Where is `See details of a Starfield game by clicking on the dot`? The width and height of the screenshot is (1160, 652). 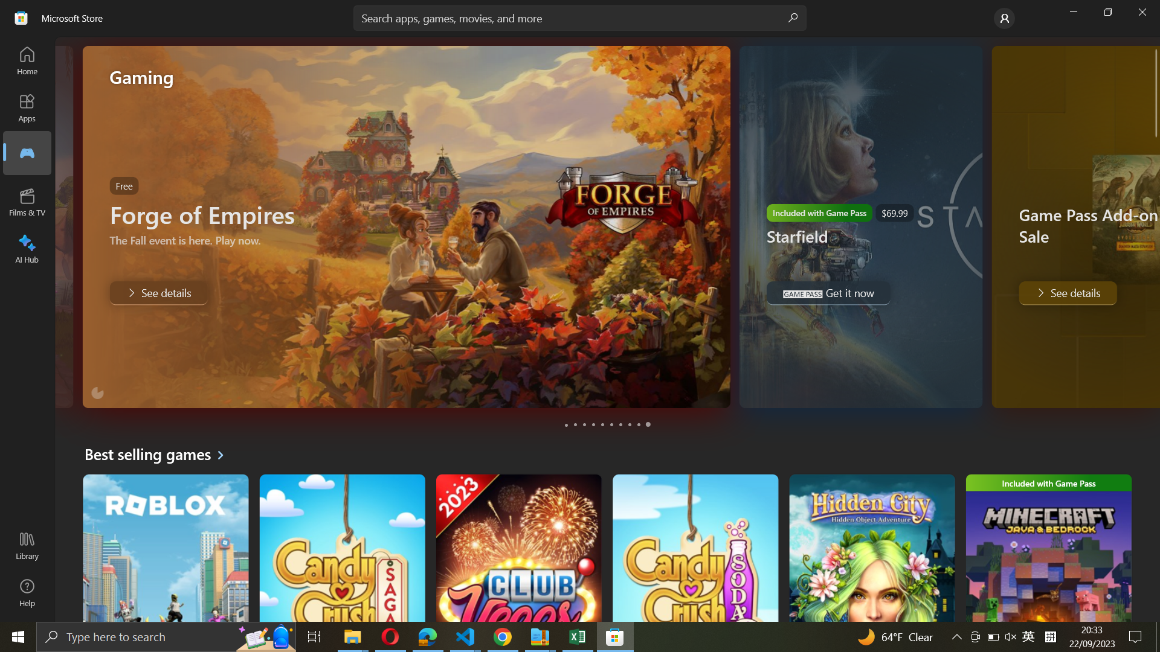
See details of a Starfield game by clicking on the dot is located at coordinates (575, 424).